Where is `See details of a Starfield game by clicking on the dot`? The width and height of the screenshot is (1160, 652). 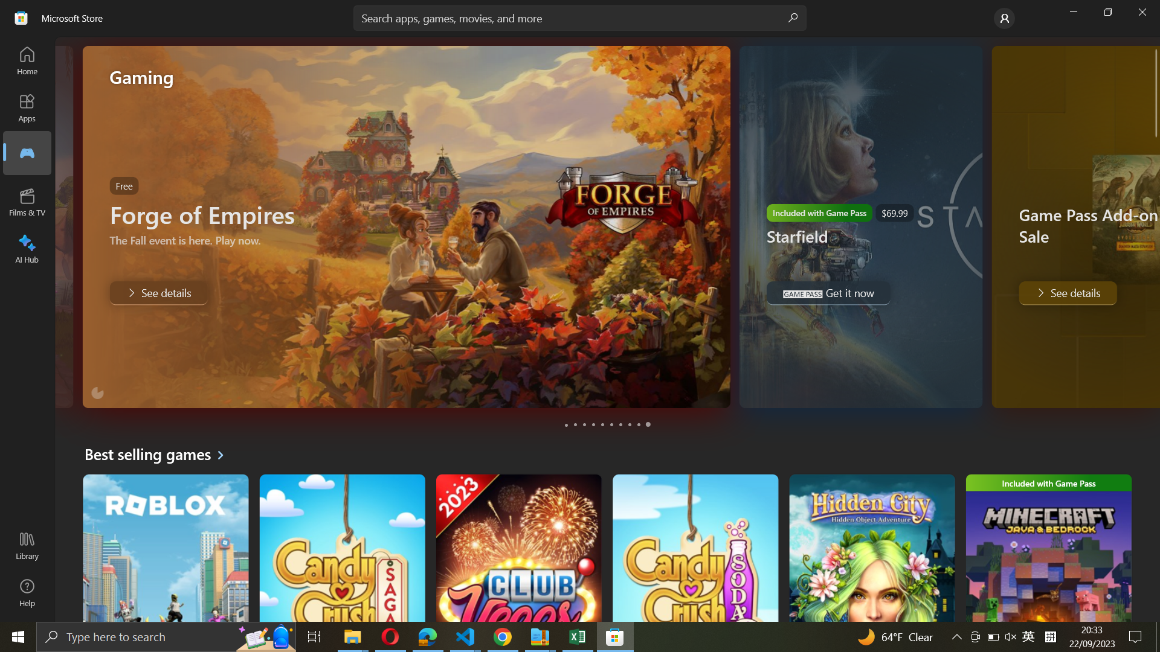
See details of a Starfield game by clicking on the dot is located at coordinates (575, 424).